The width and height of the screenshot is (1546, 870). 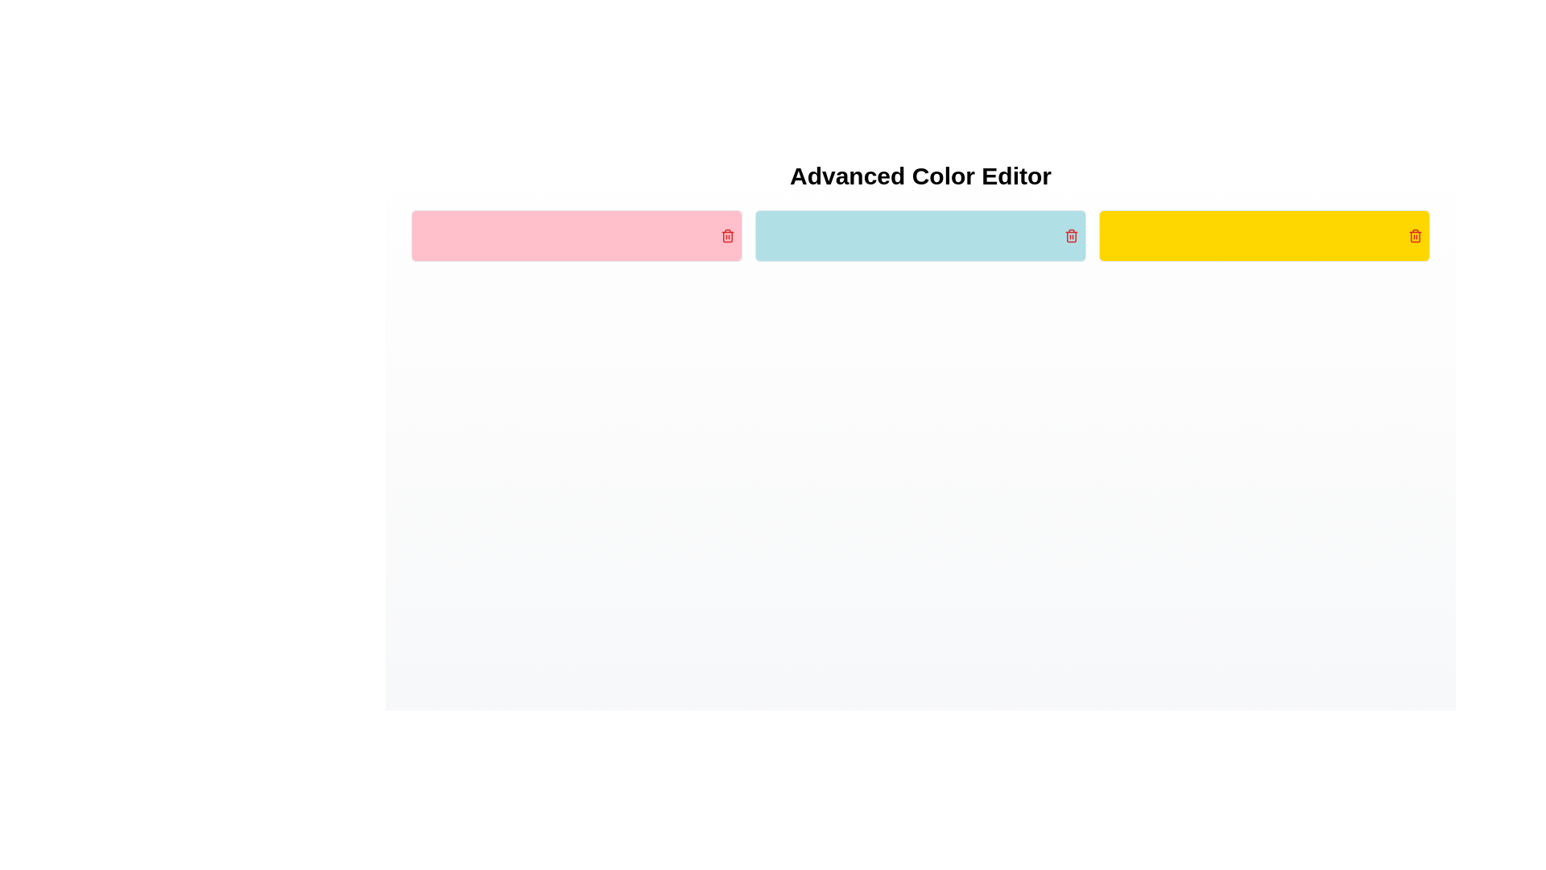 What do you see at coordinates (1414, 236) in the screenshot?
I see `the red trashbin icon located at the far right edge of the yellow rectangular section` at bounding box center [1414, 236].